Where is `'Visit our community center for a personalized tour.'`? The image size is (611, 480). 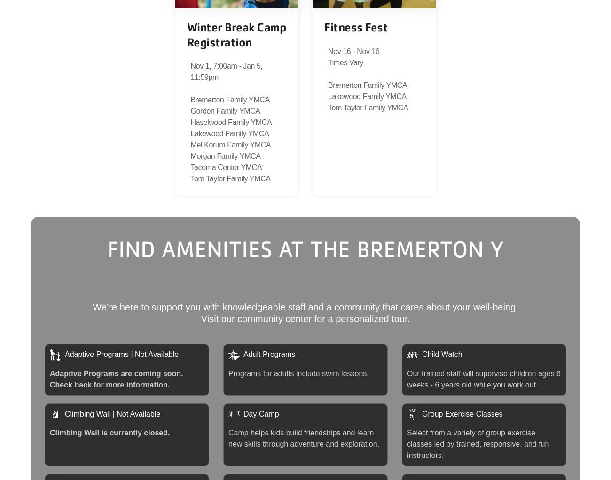 'Visit our community center for a personalized tour.' is located at coordinates (305, 317).